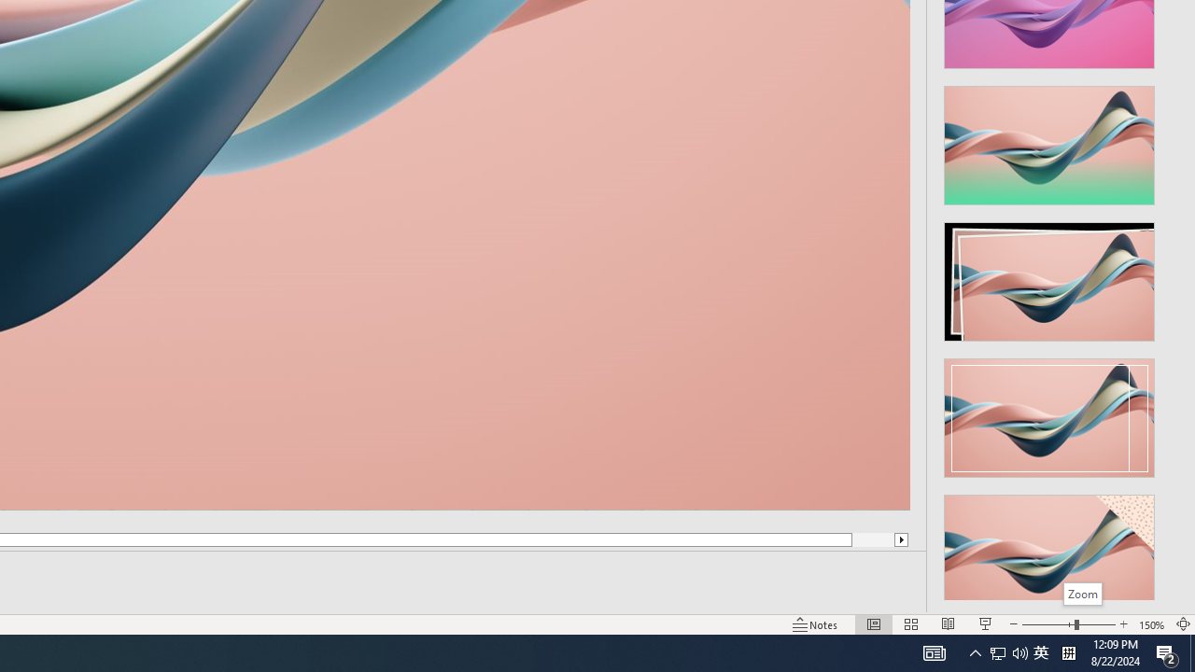 The image size is (1195, 672). What do you see at coordinates (1151, 624) in the screenshot?
I see `'Zoom 150%'` at bounding box center [1151, 624].